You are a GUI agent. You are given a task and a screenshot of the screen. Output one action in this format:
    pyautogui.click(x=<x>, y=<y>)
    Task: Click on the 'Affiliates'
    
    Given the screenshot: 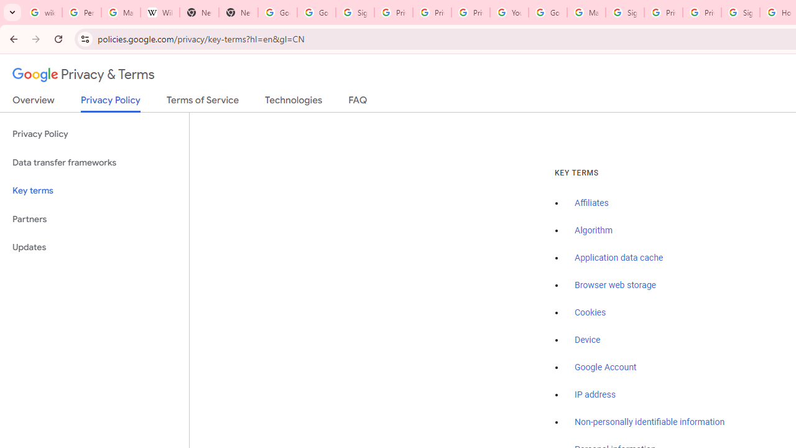 What is the action you would take?
    pyautogui.click(x=591, y=203)
    